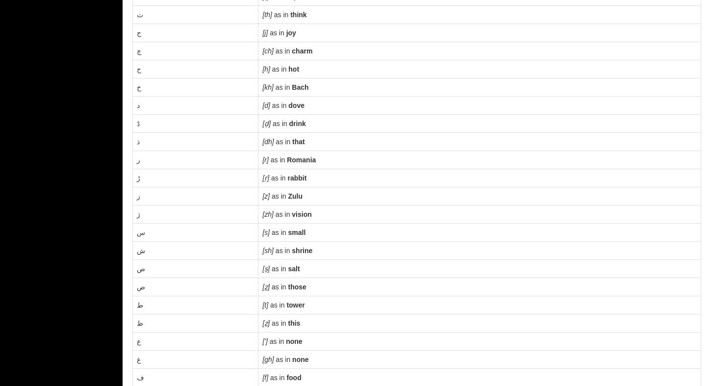  I want to click on '[ṣ]', so click(266, 268).